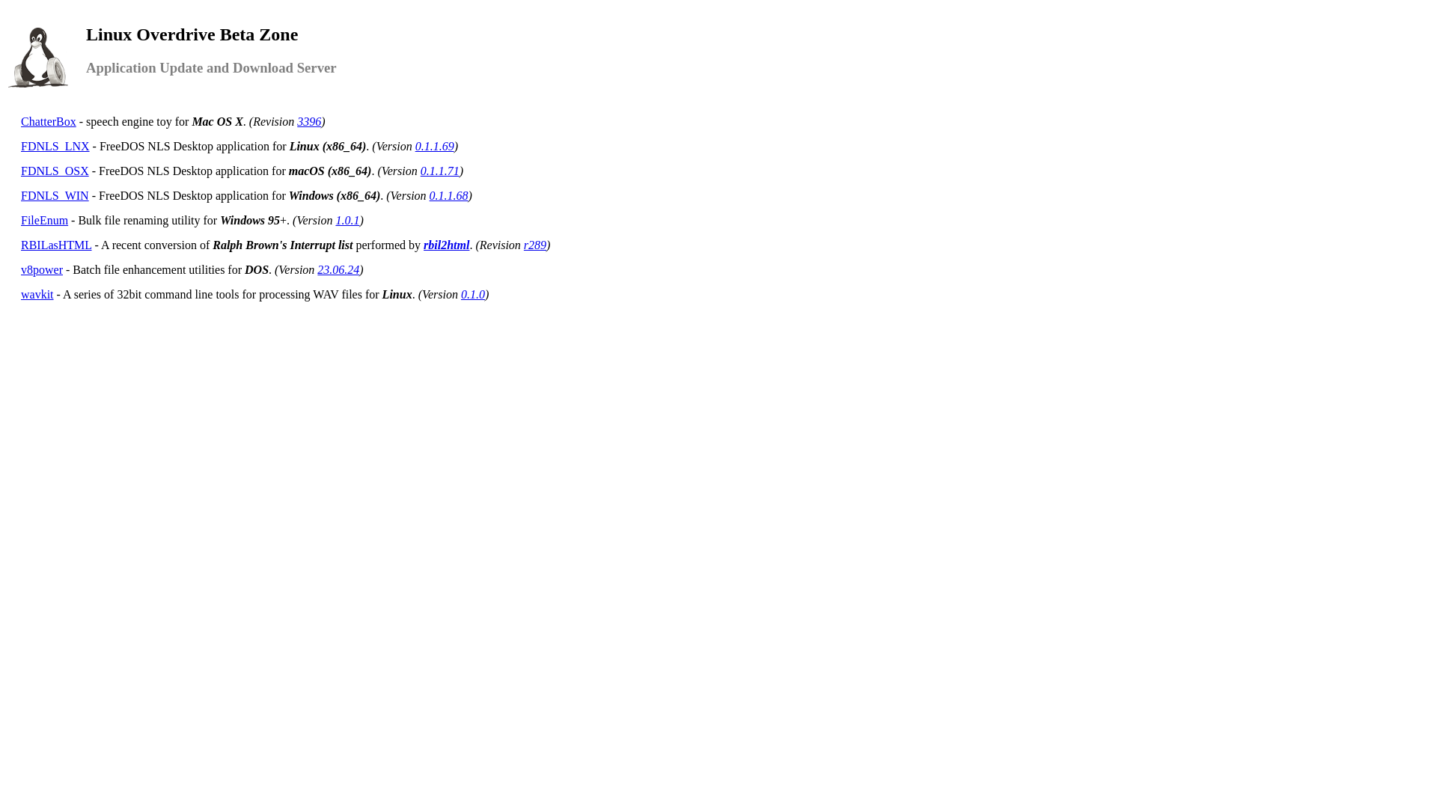 Image resolution: width=1437 pixels, height=808 pixels. Describe the element at coordinates (337, 269) in the screenshot. I see `'23.06.24'` at that location.